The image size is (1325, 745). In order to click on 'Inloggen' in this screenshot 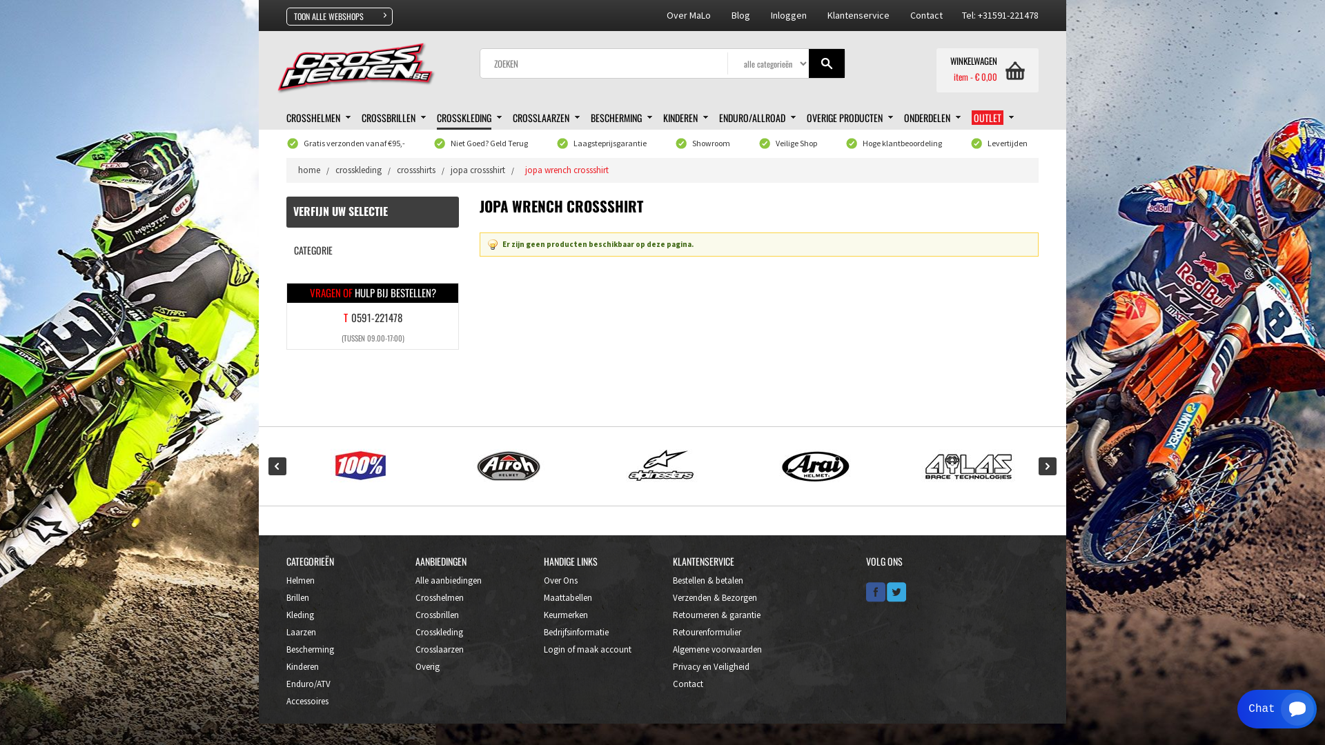, I will do `click(788, 15)`.